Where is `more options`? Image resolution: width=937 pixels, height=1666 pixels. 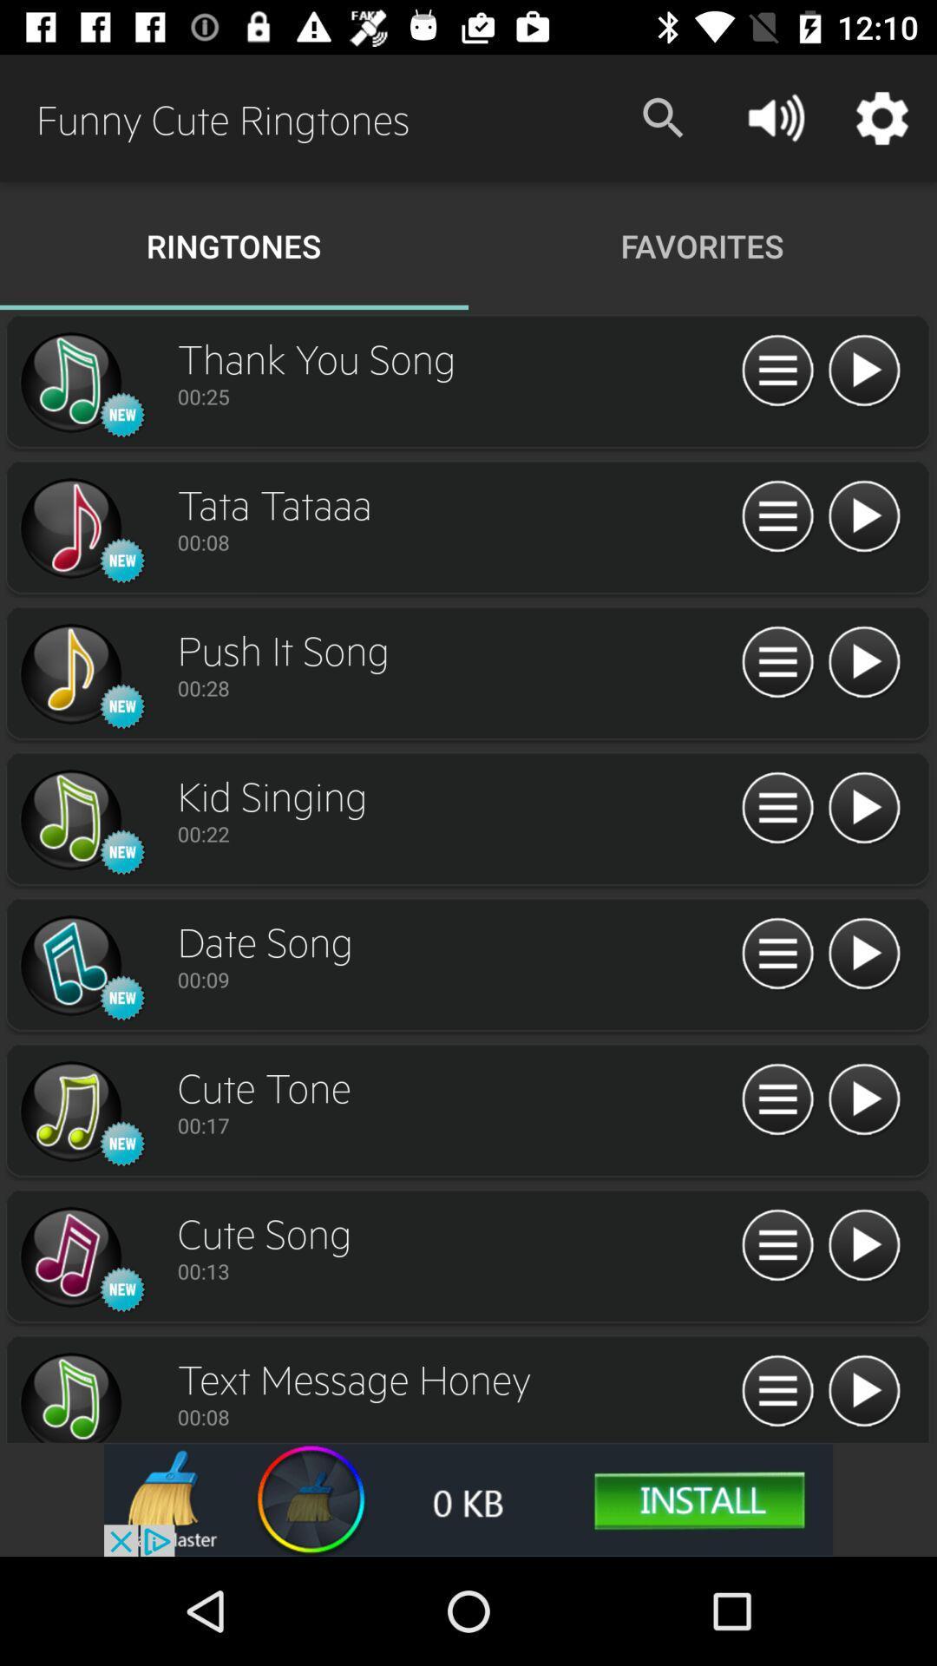 more options is located at coordinates (776, 808).